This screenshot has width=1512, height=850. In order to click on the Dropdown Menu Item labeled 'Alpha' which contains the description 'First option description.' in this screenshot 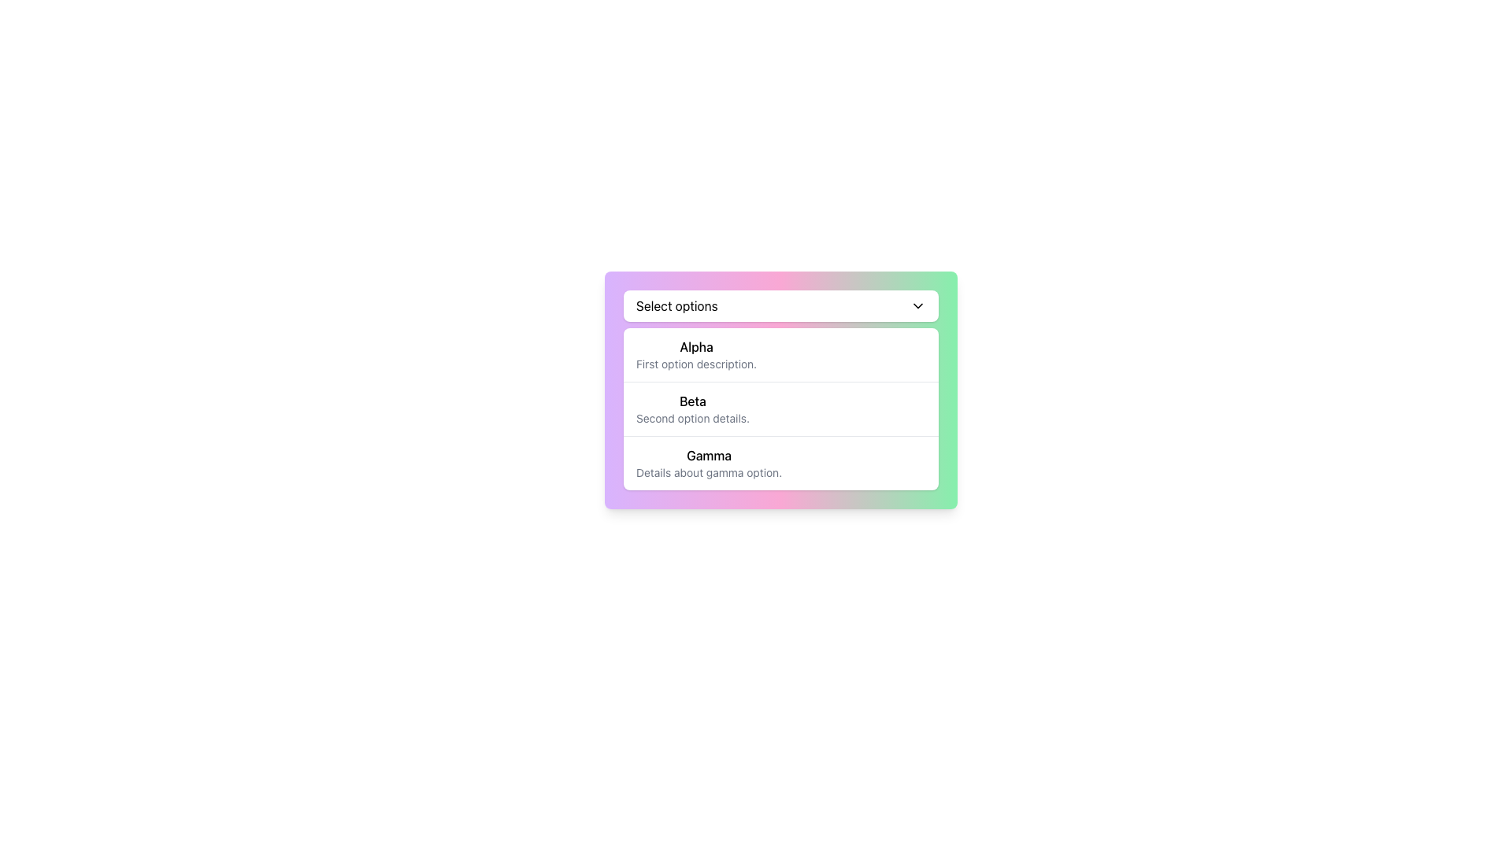, I will do `click(695, 355)`.